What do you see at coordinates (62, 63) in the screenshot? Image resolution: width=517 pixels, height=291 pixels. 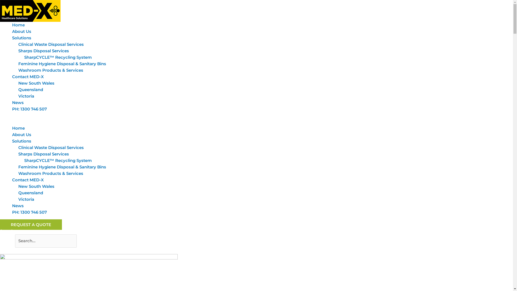 I see `'Feminine Hygiene Disposal & Sanitary Bins'` at bounding box center [62, 63].